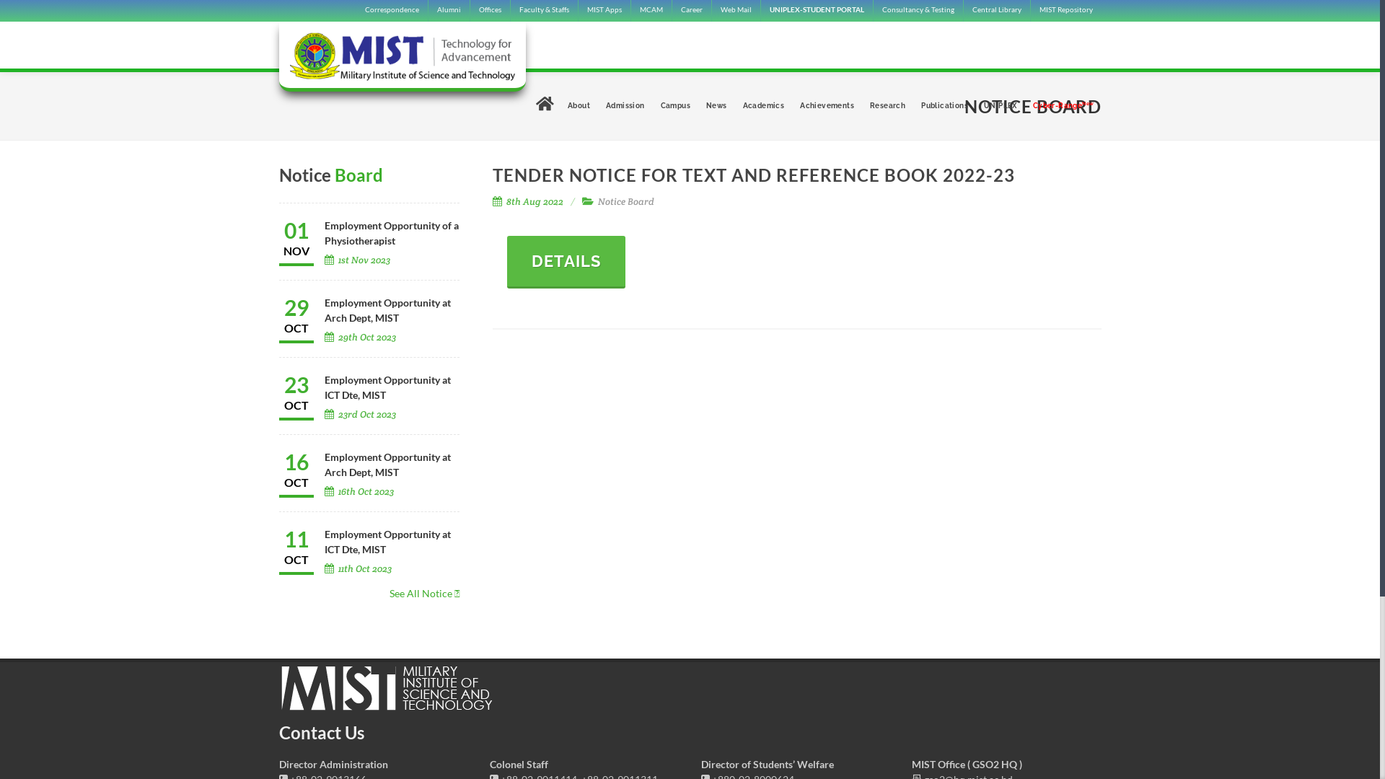 The width and height of the screenshot is (1385, 779). I want to click on 'Faculty & Staffs', so click(543, 11).